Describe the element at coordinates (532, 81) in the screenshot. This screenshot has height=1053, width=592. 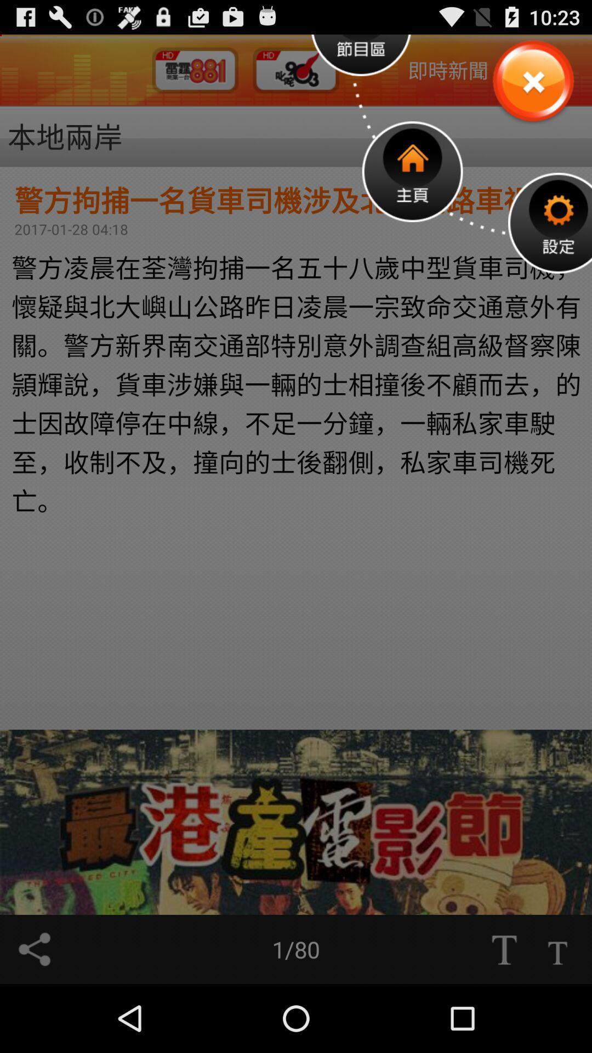
I see `the option` at that location.